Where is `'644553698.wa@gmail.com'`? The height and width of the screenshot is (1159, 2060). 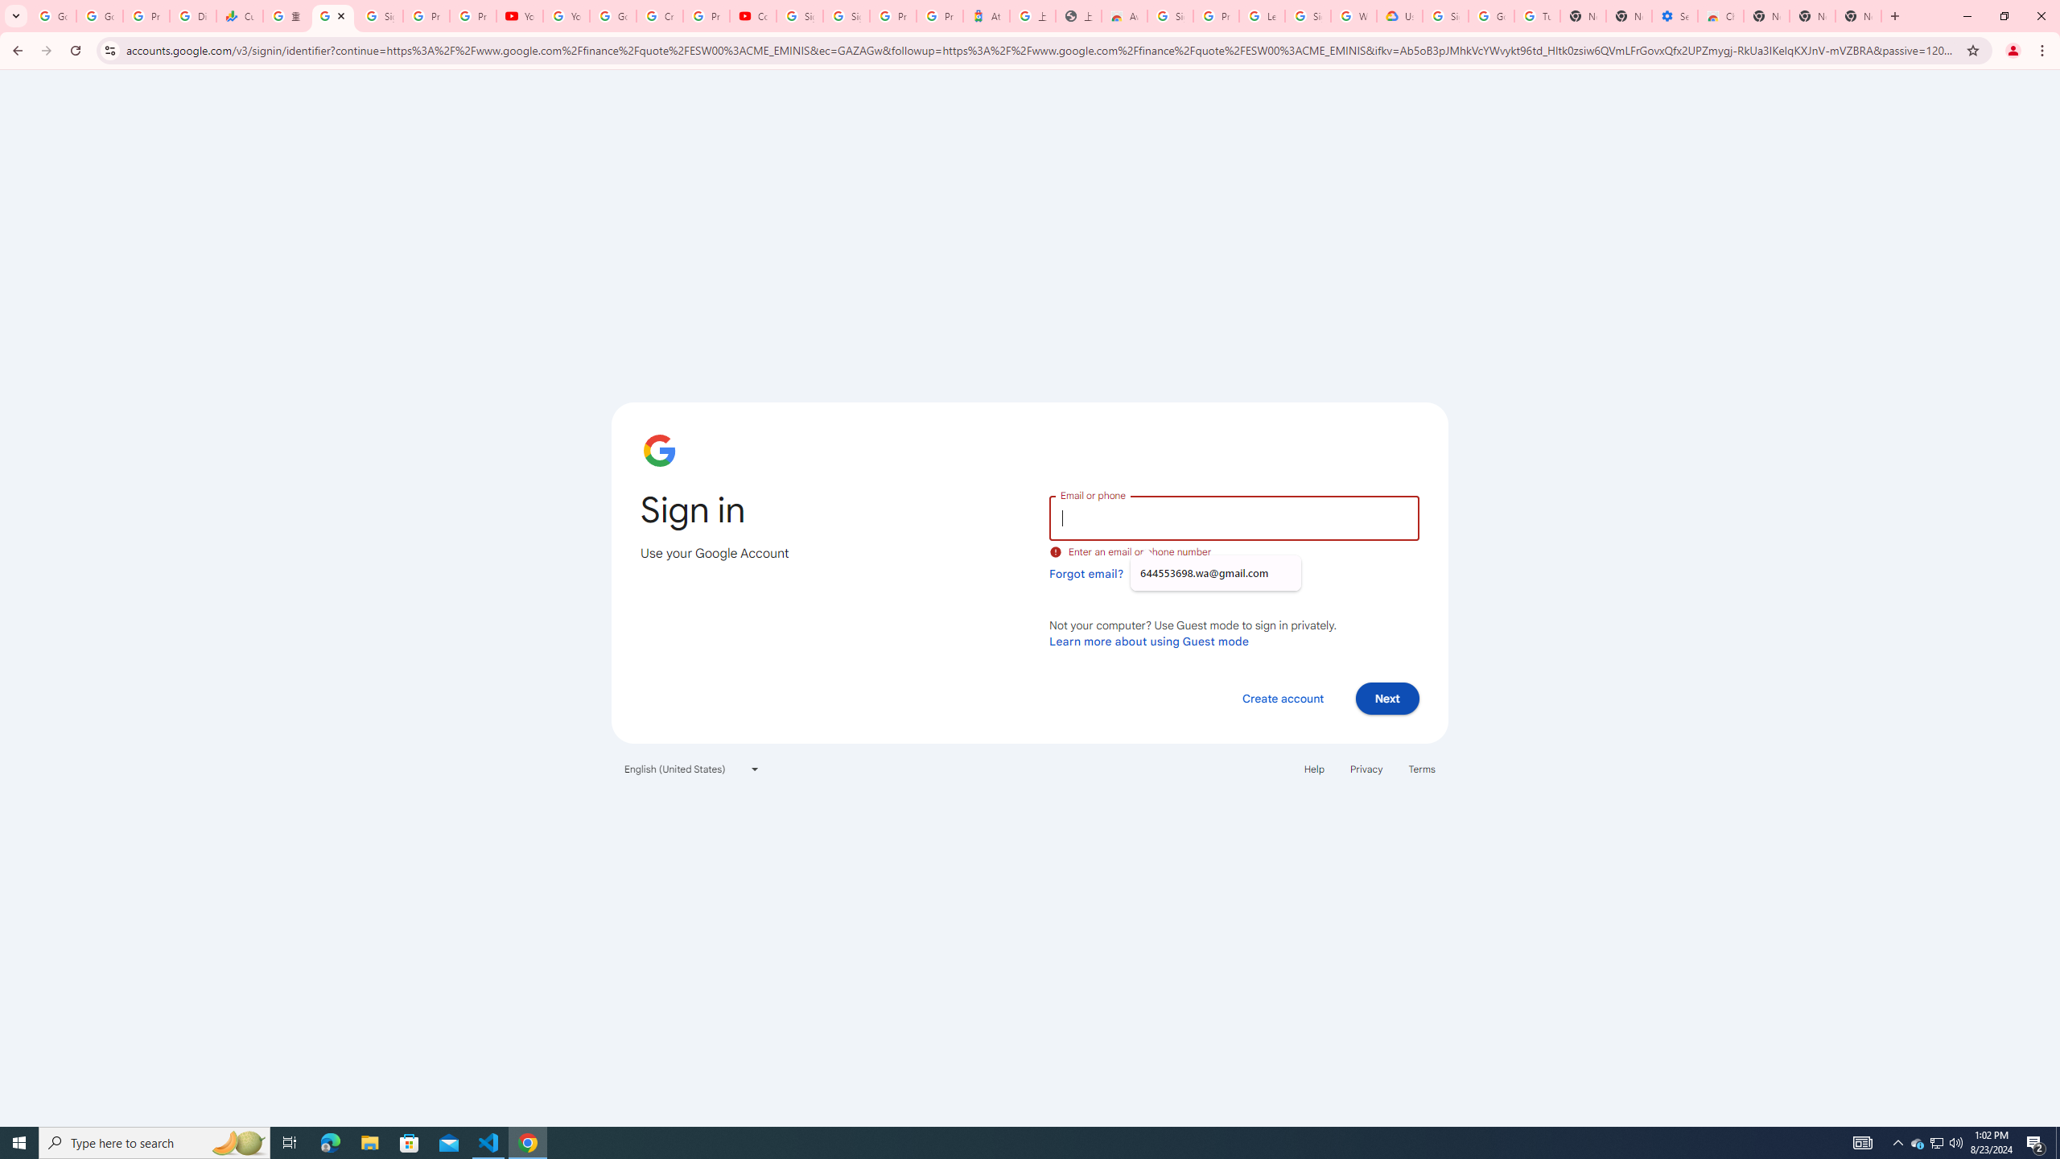 '644553698.wa@gmail.com' is located at coordinates (1214, 573).